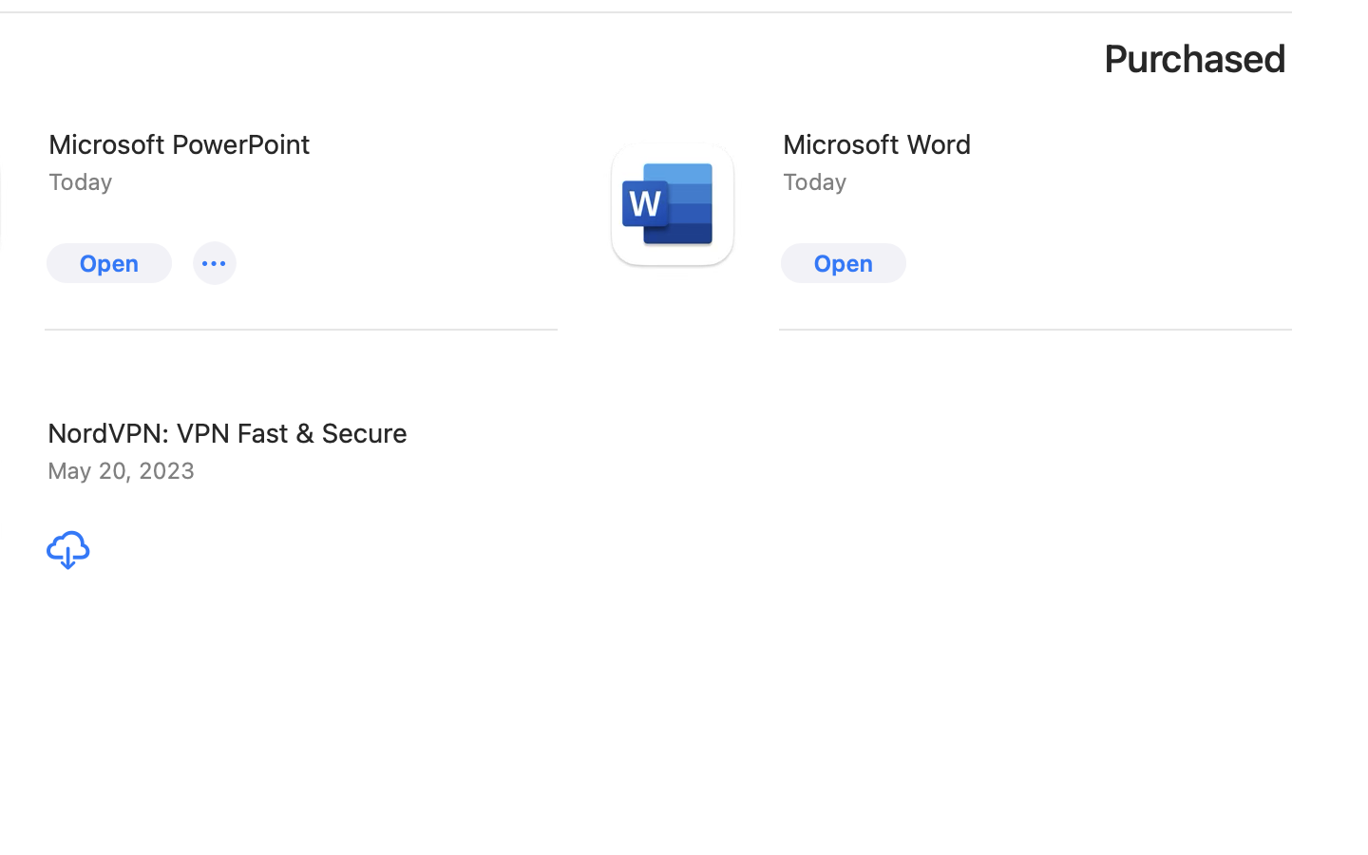  What do you see at coordinates (1194, 58) in the screenshot?
I see `'Purchased'` at bounding box center [1194, 58].